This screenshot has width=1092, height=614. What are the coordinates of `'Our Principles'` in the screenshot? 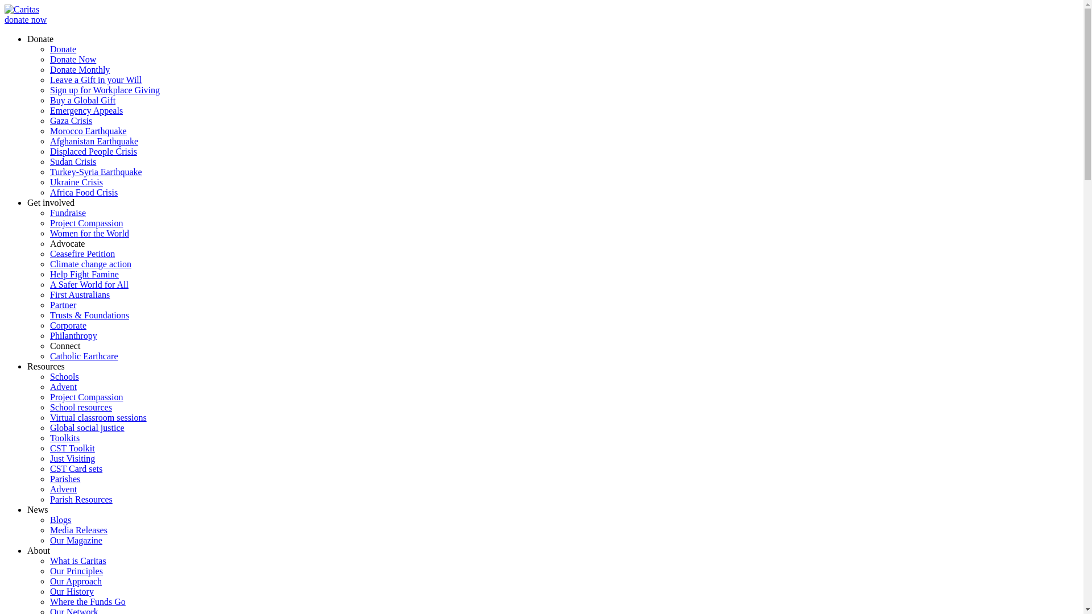 It's located at (76, 571).